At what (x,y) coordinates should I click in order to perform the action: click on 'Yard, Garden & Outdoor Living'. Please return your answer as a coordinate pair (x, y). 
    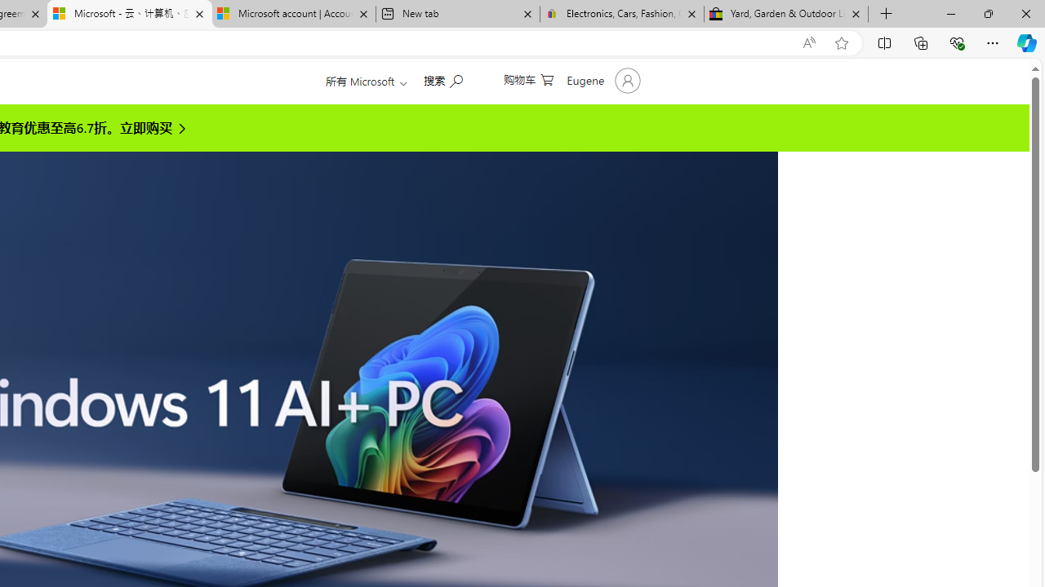
    Looking at the image, I should click on (786, 14).